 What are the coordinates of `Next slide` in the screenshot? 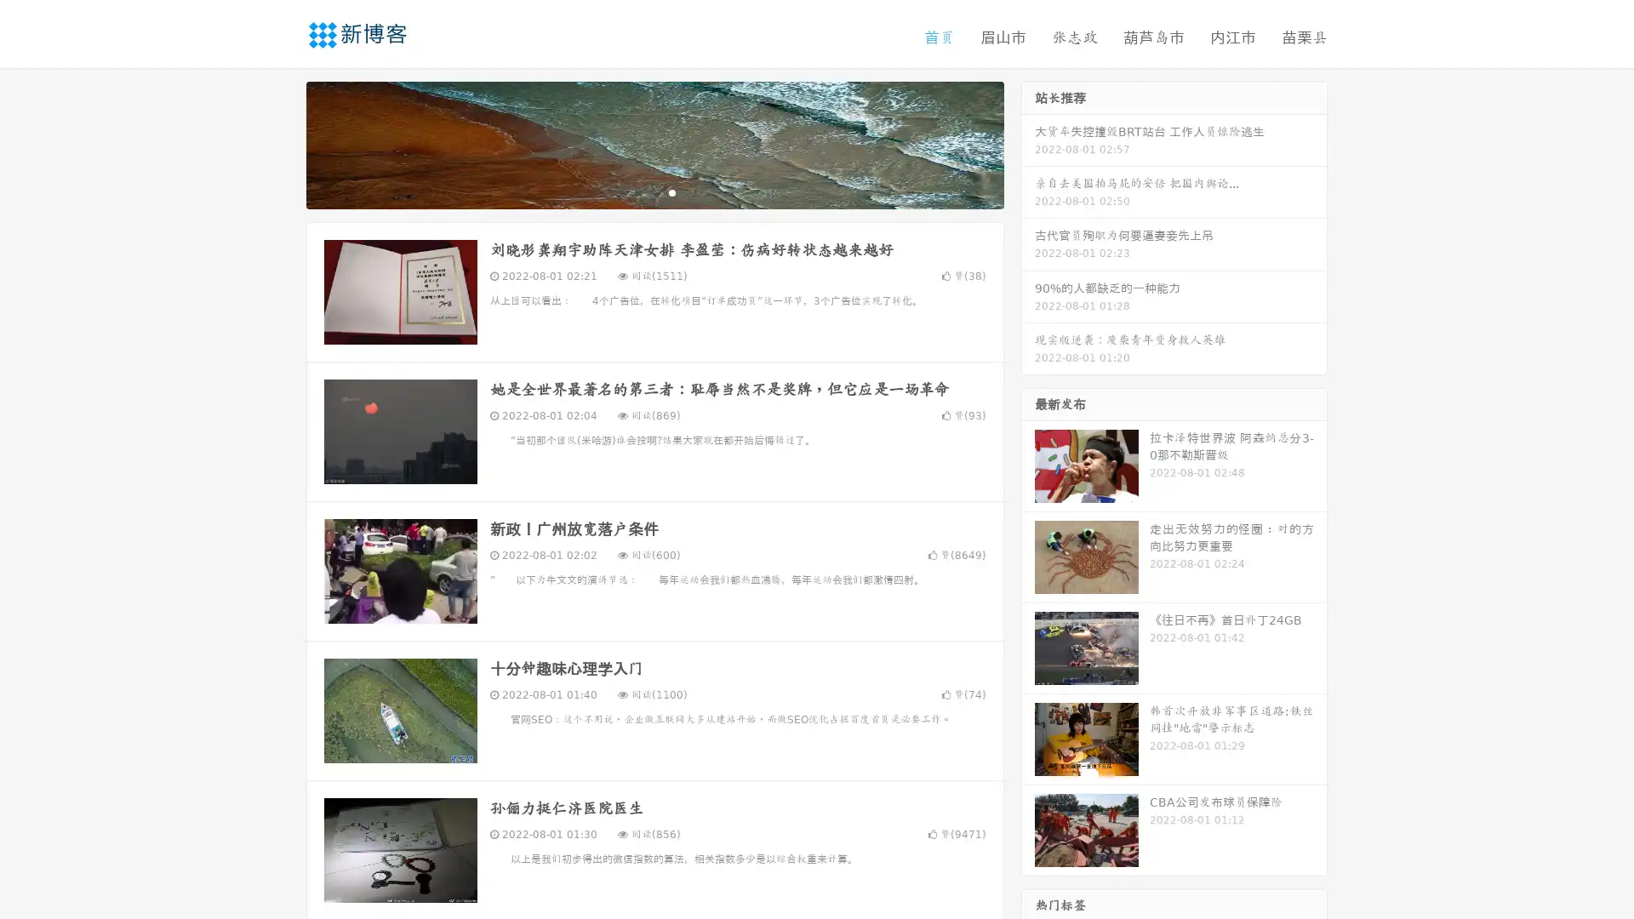 It's located at (1028, 143).